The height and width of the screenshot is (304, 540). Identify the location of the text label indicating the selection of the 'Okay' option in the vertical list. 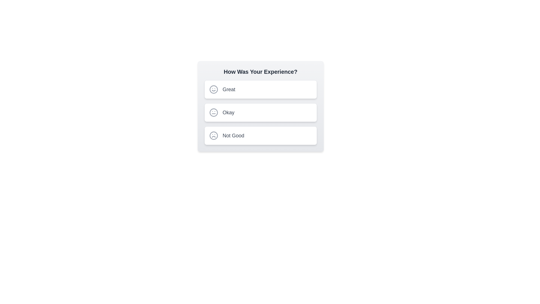
(228, 113).